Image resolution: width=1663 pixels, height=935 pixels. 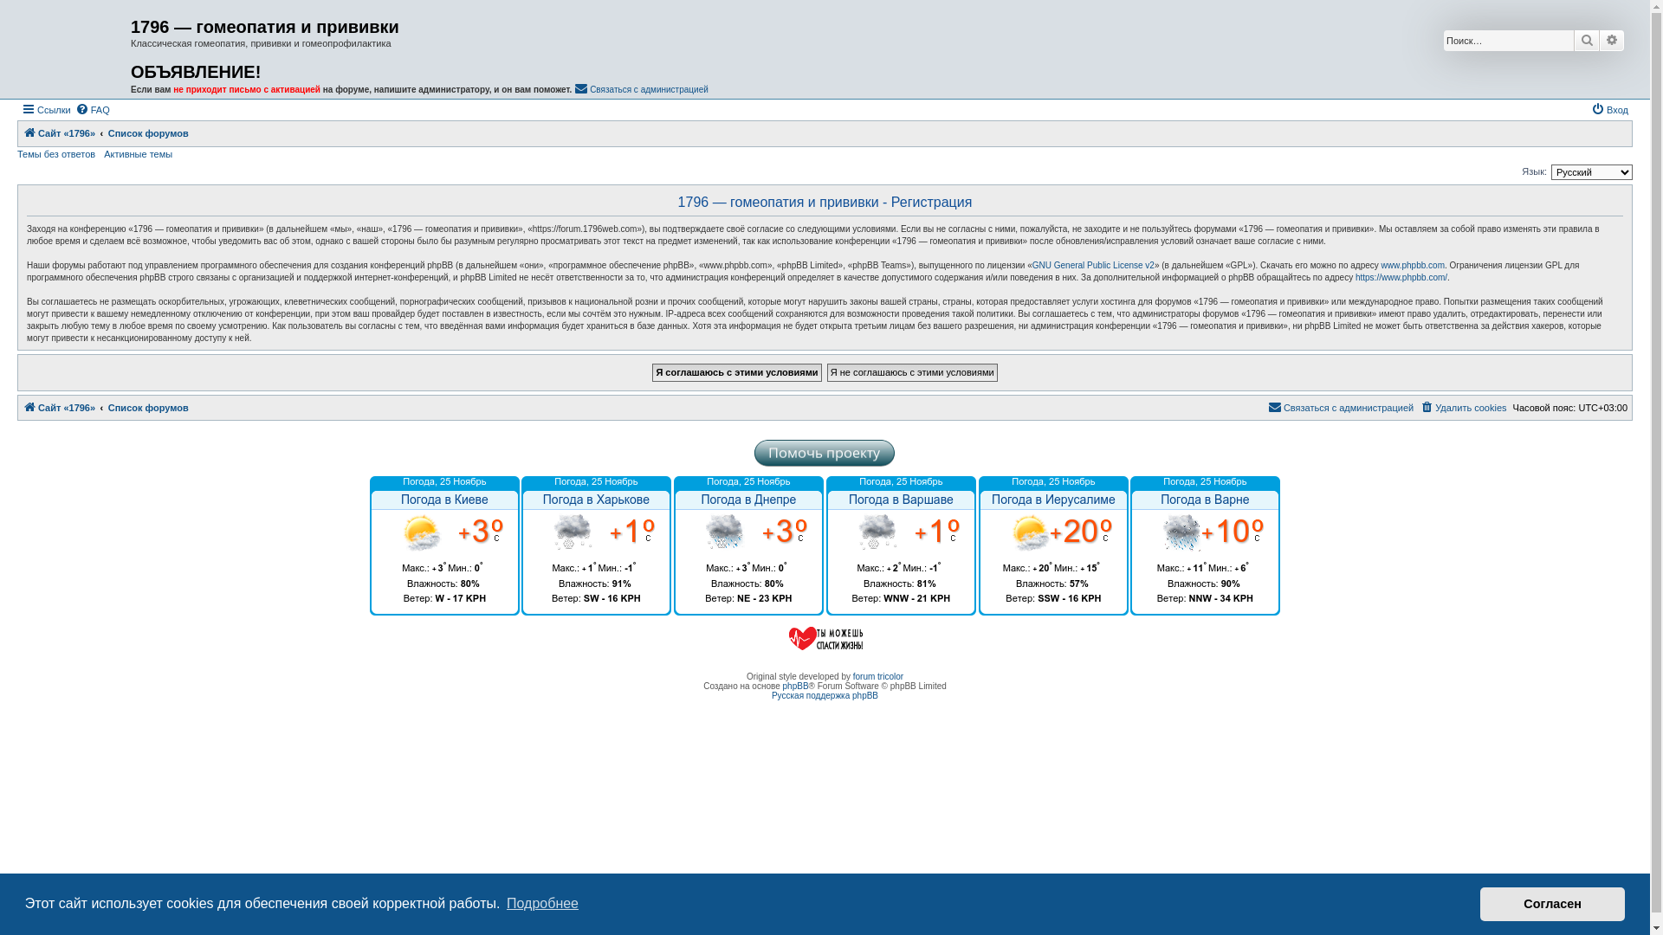 What do you see at coordinates (852, 675) in the screenshot?
I see `'forum tricolor'` at bounding box center [852, 675].